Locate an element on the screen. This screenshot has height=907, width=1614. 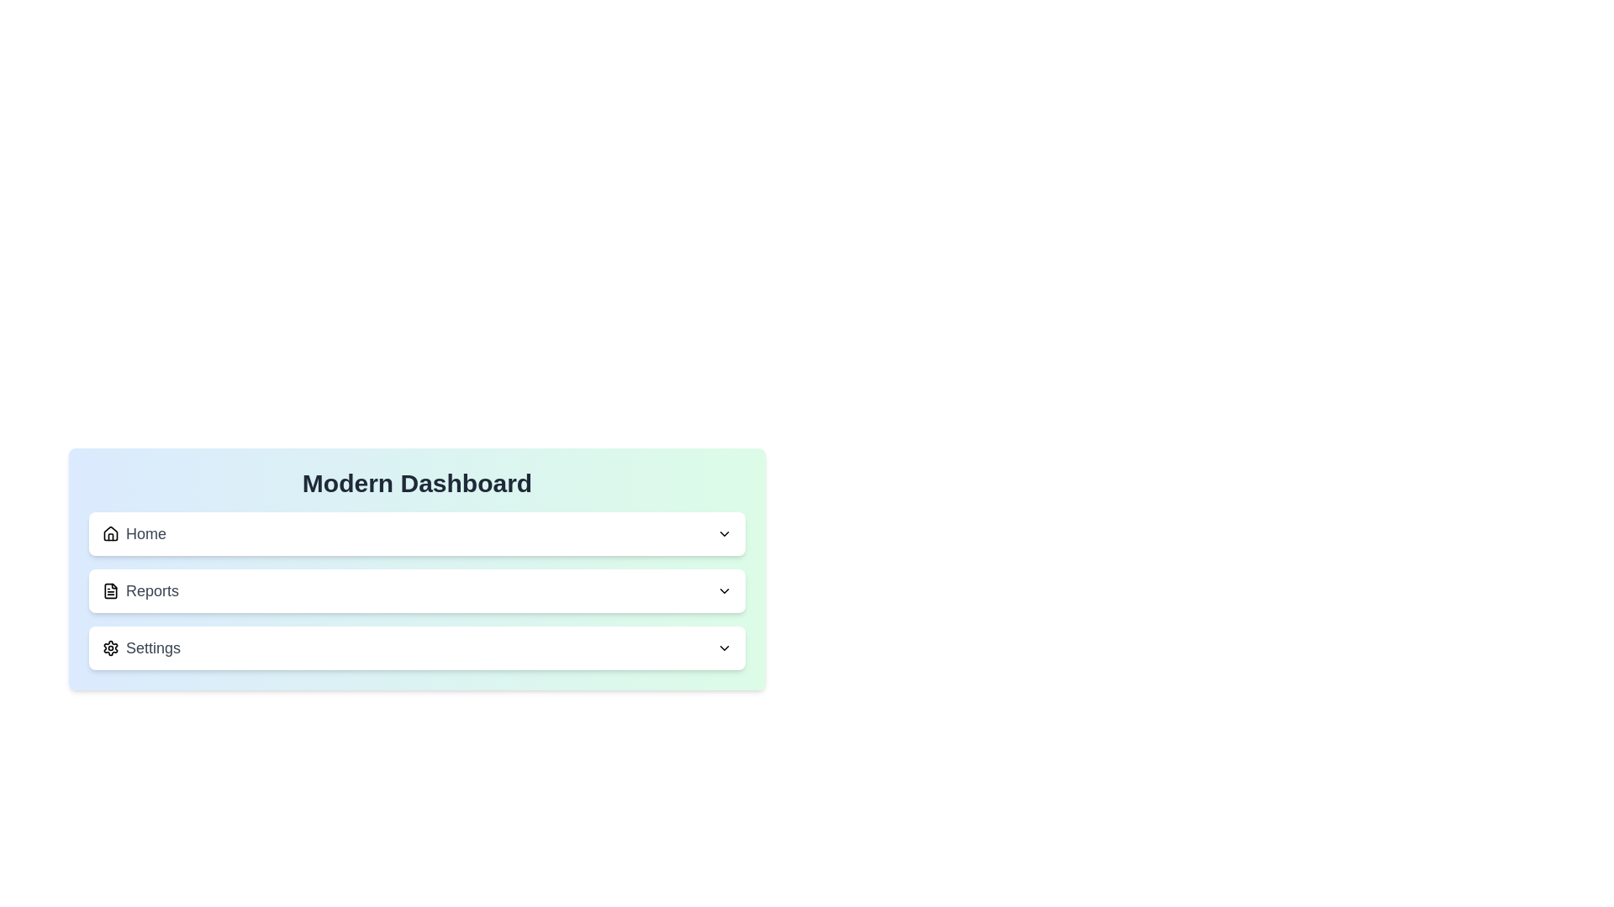
the 'Reports' text label, which is styled with a medium font weight and large text size, located on the second row of items in the sidebar, directly following a file icon is located at coordinates (152, 590).